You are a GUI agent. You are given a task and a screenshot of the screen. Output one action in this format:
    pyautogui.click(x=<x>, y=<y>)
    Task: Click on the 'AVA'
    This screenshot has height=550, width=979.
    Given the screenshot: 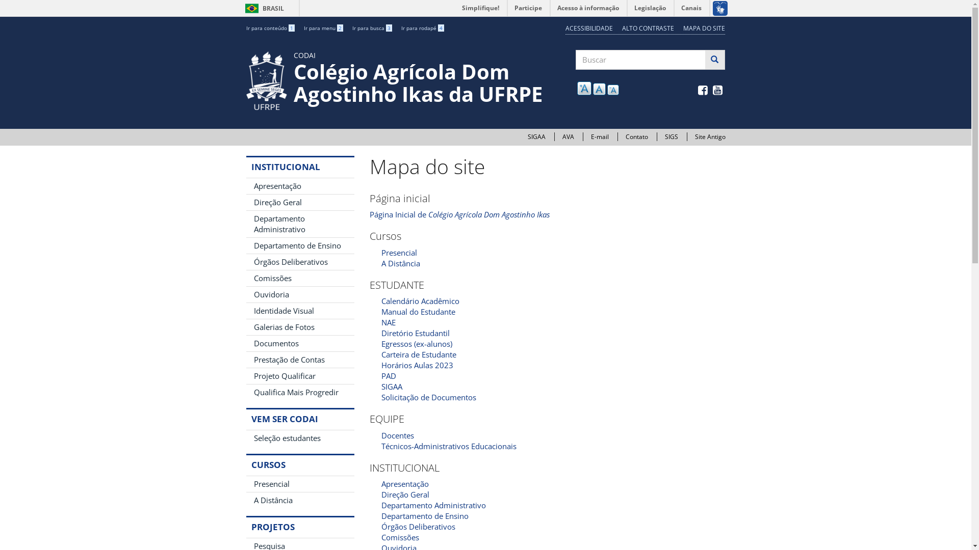 What is the action you would take?
    pyautogui.click(x=561, y=136)
    